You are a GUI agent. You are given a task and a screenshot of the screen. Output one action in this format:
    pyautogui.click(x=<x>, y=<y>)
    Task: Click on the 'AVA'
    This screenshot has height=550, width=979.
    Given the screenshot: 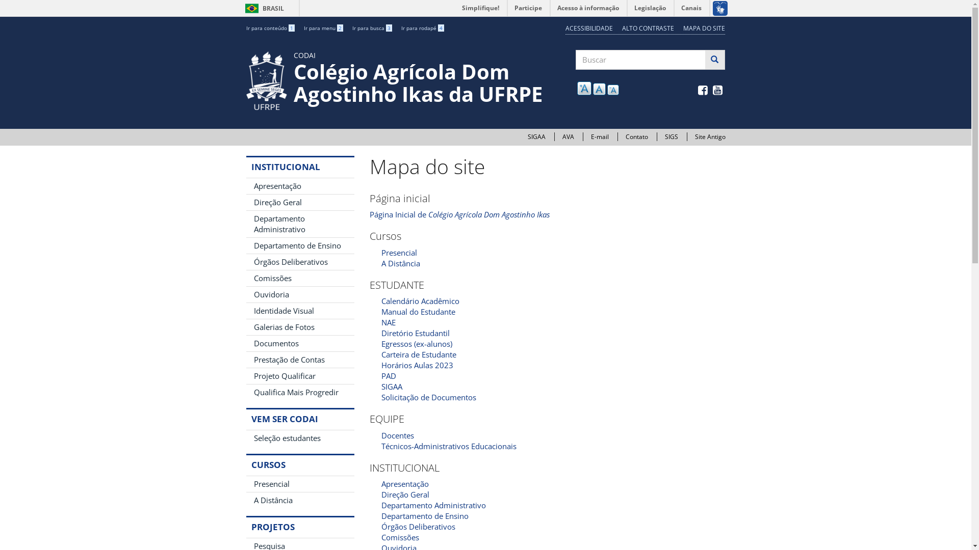 What is the action you would take?
    pyautogui.click(x=561, y=136)
    